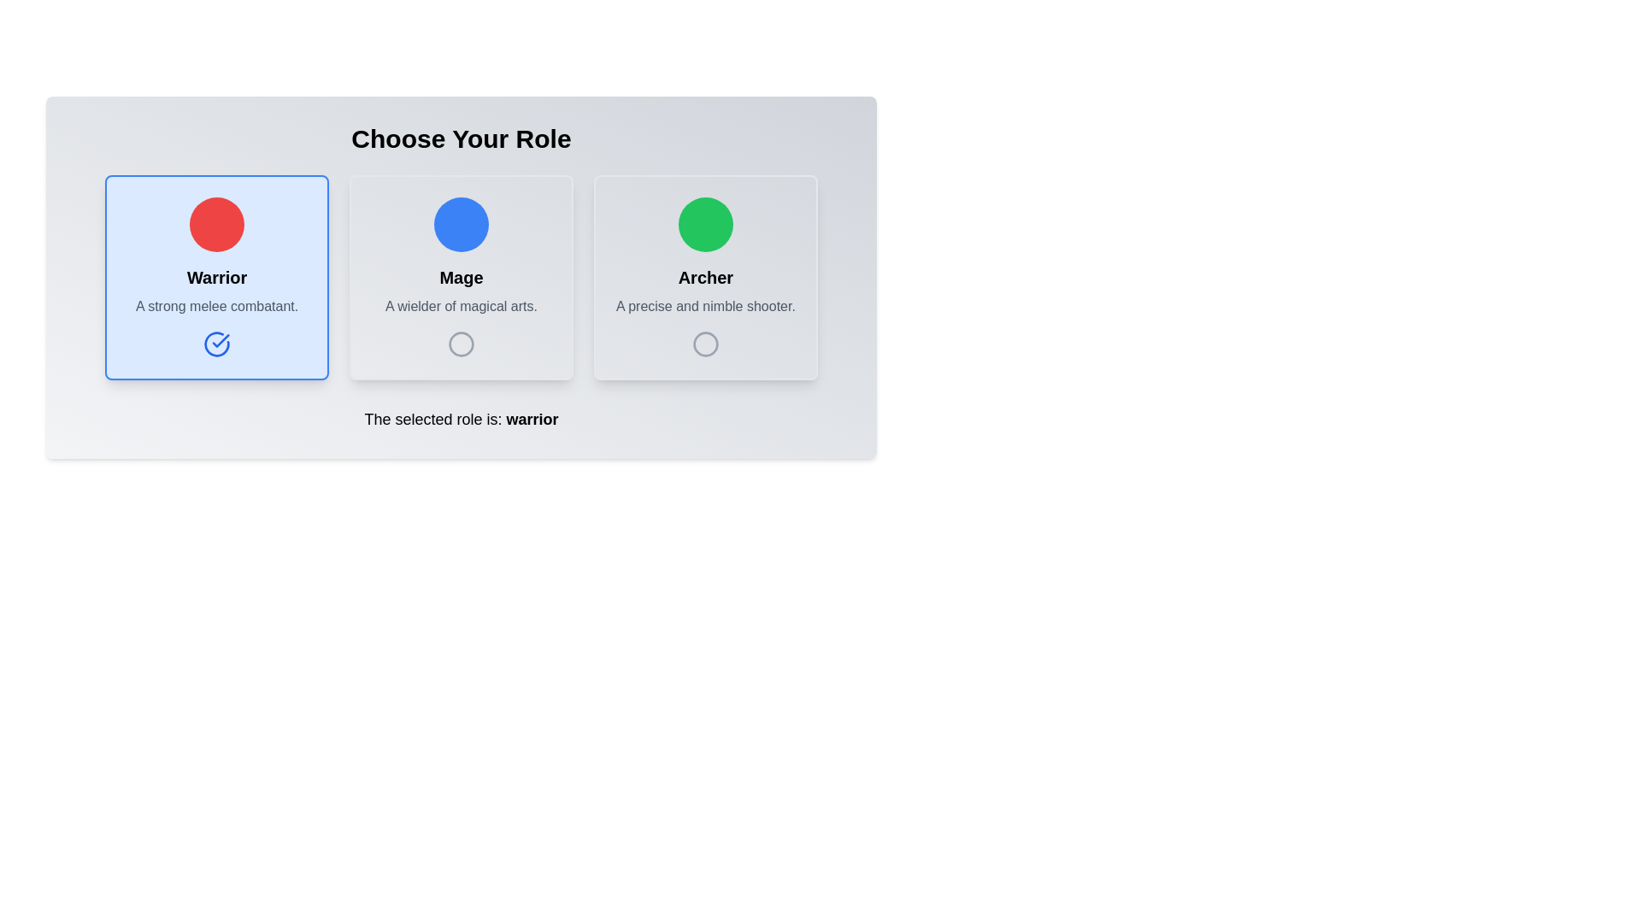  I want to click on on the selection icon that indicates the 'Warrior' option has been selected, located below the 'Warrior' text and above the descriptive text in the selection card, so click(216, 344).